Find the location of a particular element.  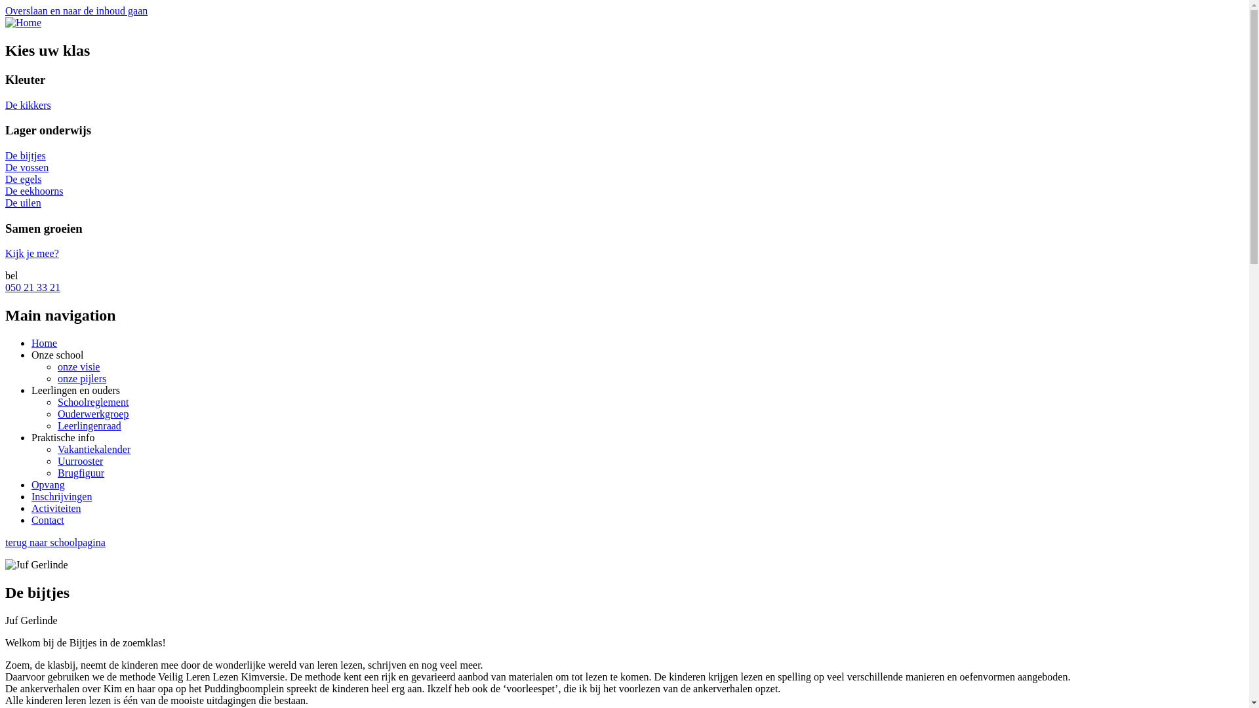

'Brugfiguur' is located at coordinates (80, 473).